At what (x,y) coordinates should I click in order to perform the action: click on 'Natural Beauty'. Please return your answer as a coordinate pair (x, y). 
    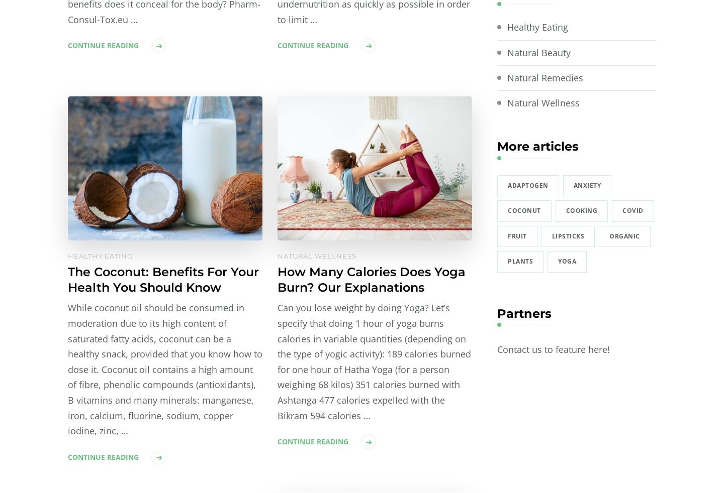
    Looking at the image, I should click on (538, 51).